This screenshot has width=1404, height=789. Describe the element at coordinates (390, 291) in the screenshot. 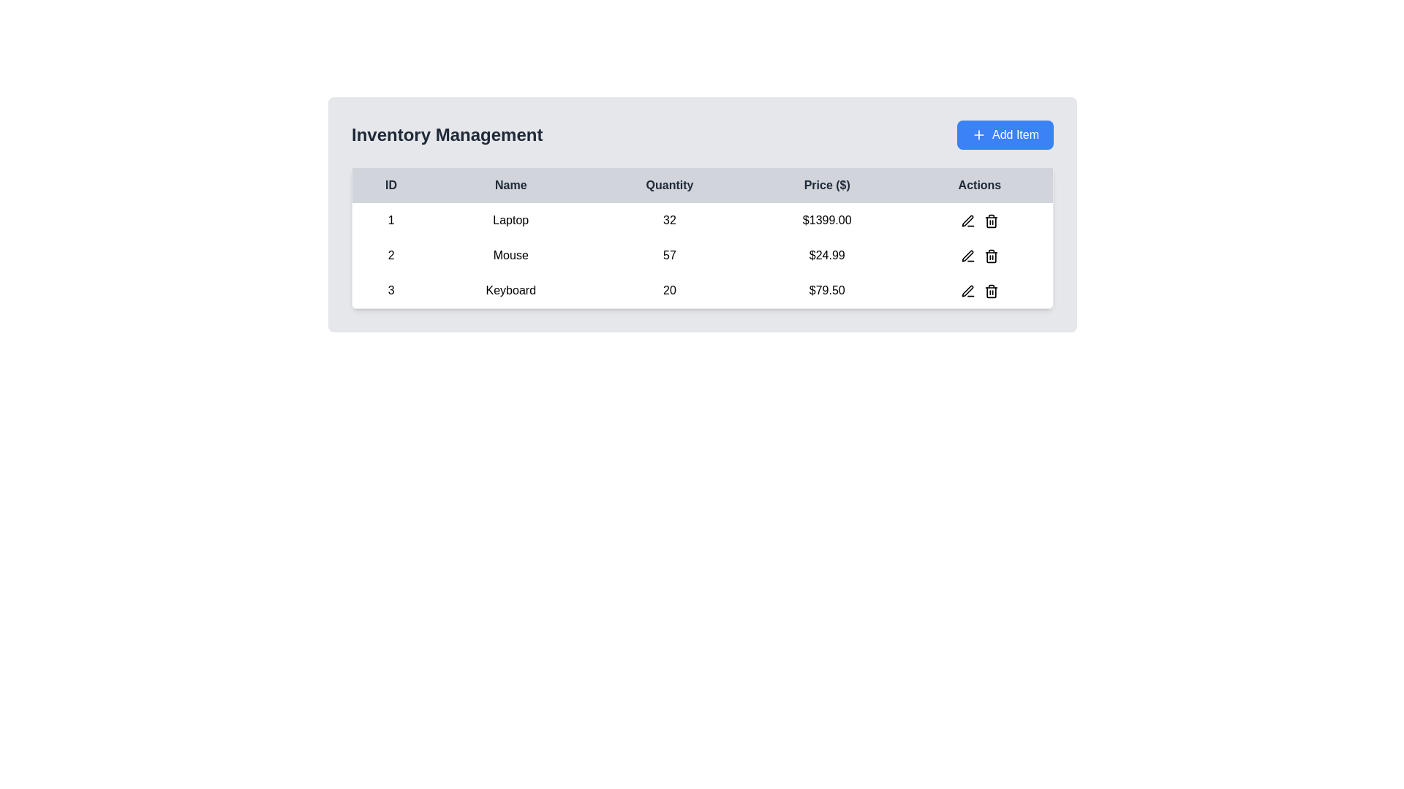

I see `the Label displaying the number '3' in bold black font located in the first column of the table's third row within the 'Inventory Management' section` at that location.